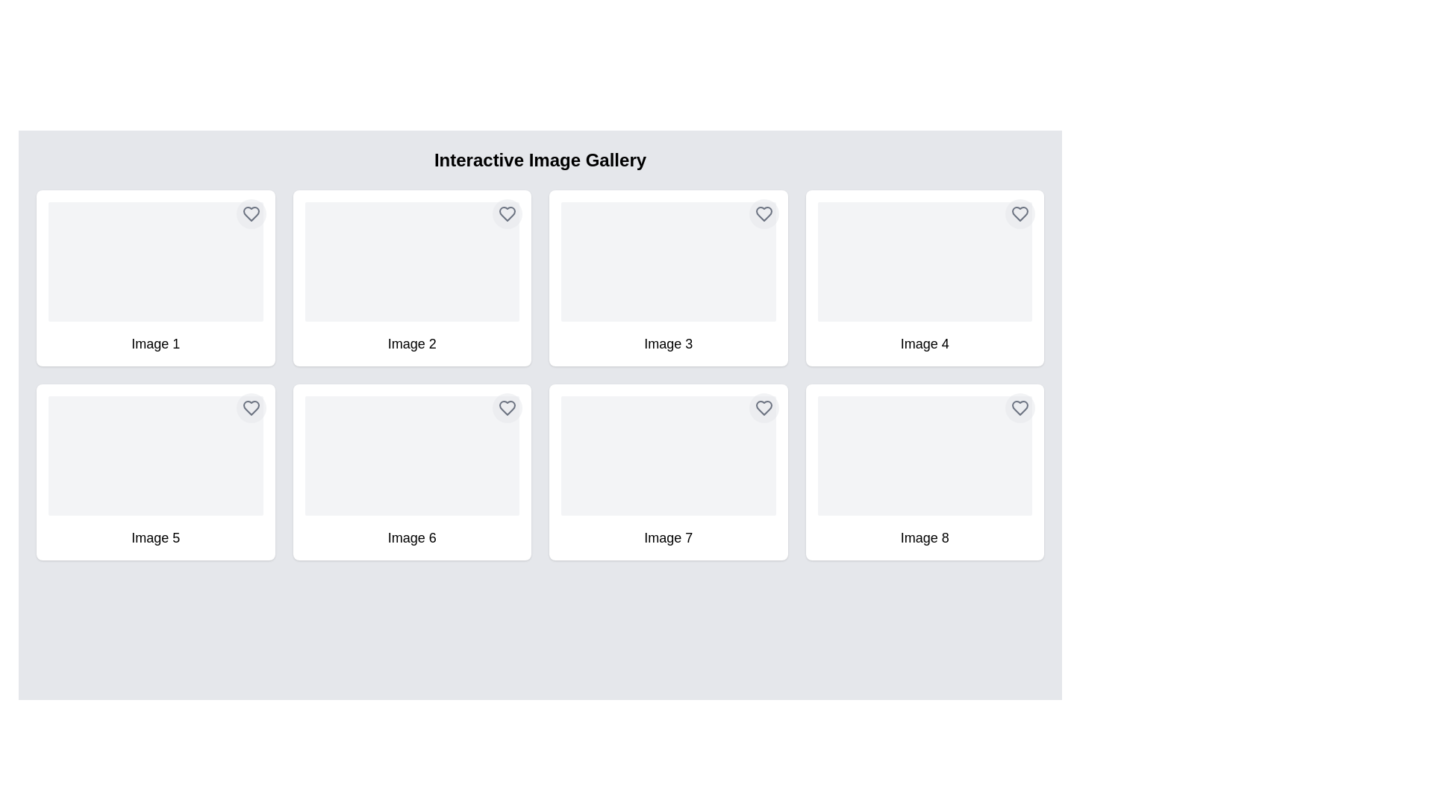  I want to click on the favorite icon located in the top-right corner of the first image in the gallery layout to mark the item as favorite, so click(251, 213).